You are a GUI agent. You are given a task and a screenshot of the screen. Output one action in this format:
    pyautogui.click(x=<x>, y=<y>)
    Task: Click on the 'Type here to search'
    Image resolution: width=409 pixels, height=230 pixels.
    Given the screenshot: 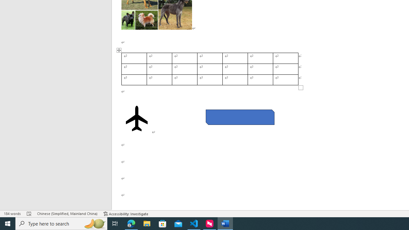 What is the action you would take?
    pyautogui.click(x=61, y=223)
    